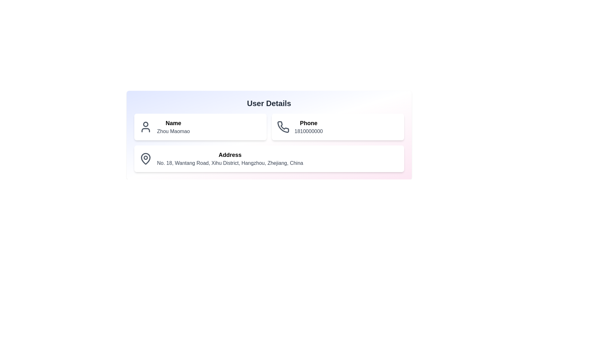  I want to click on the Text Label that categorizes the address information in the lower section of the 'User Details' card, so click(230, 155).